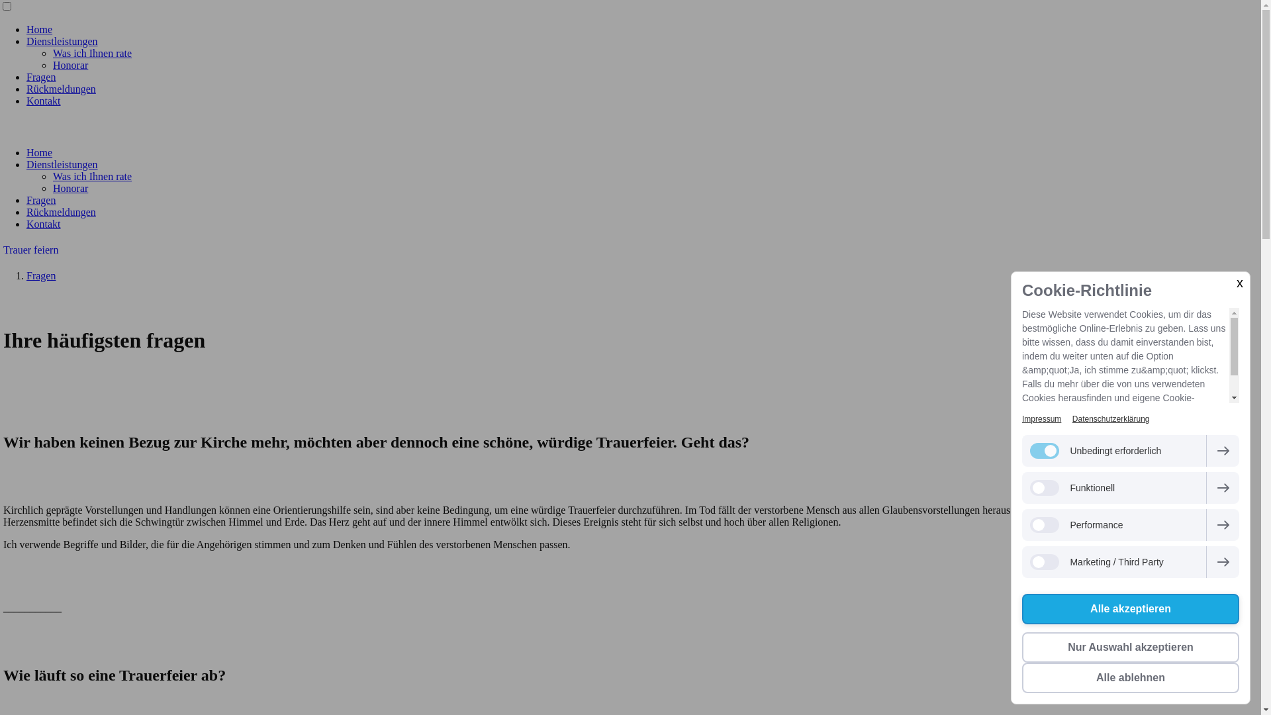 Image resolution: width=1271 pixels, height=715 pixels. Describe the element at coordinates (1130, 647) in the screenshot. I see `'Nur Auswahl akzeptieren'` at that location.